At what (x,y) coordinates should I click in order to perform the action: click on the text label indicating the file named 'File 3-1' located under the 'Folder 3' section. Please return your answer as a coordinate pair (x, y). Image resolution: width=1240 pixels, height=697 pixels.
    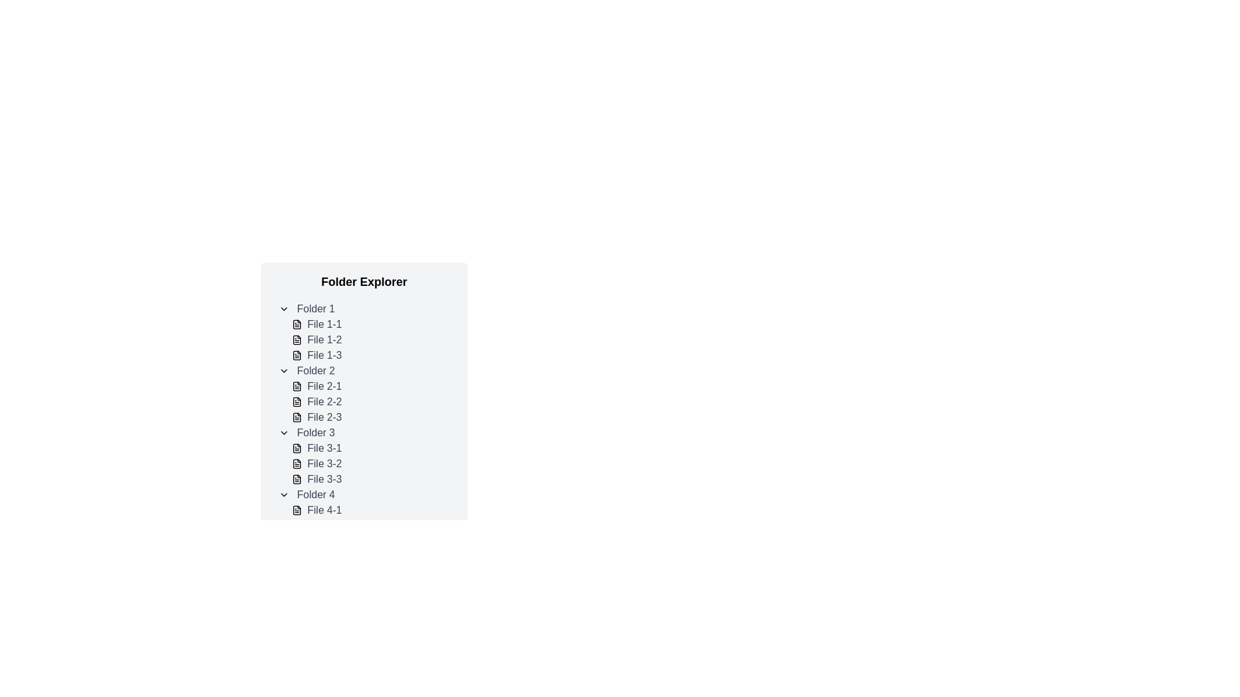
    Looking at the image, I should click on (324, 447).